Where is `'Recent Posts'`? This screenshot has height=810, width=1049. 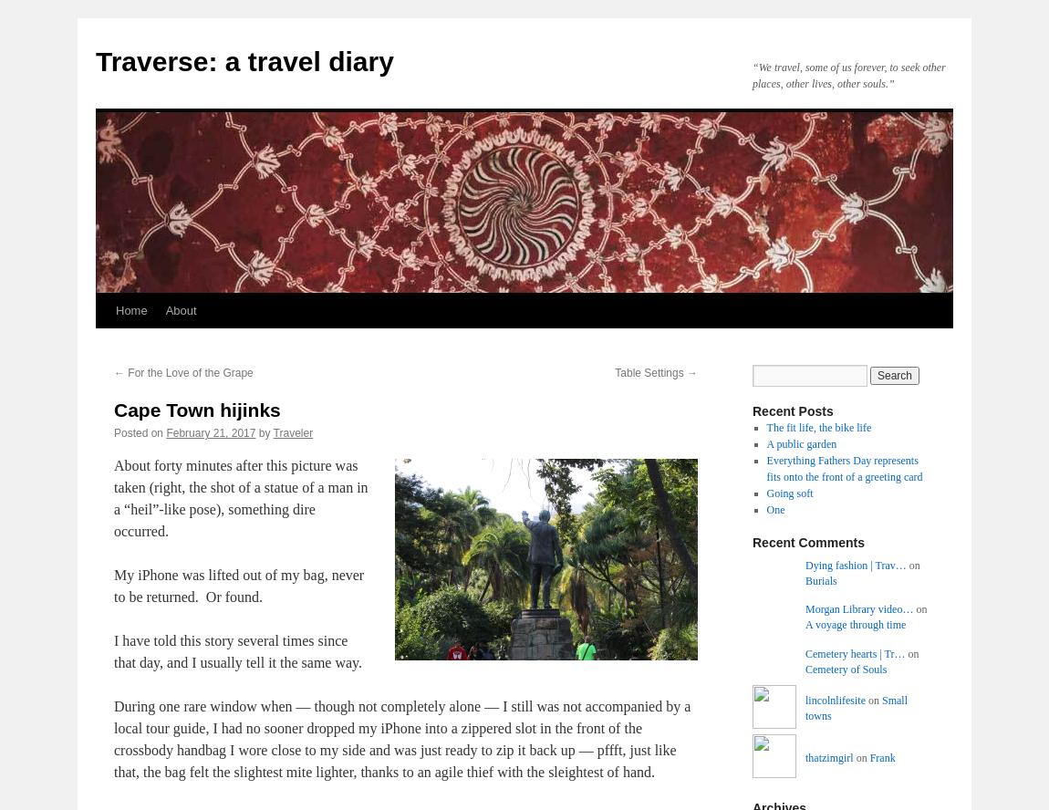 'Recent Posts' is located at coordinates (793, 411).